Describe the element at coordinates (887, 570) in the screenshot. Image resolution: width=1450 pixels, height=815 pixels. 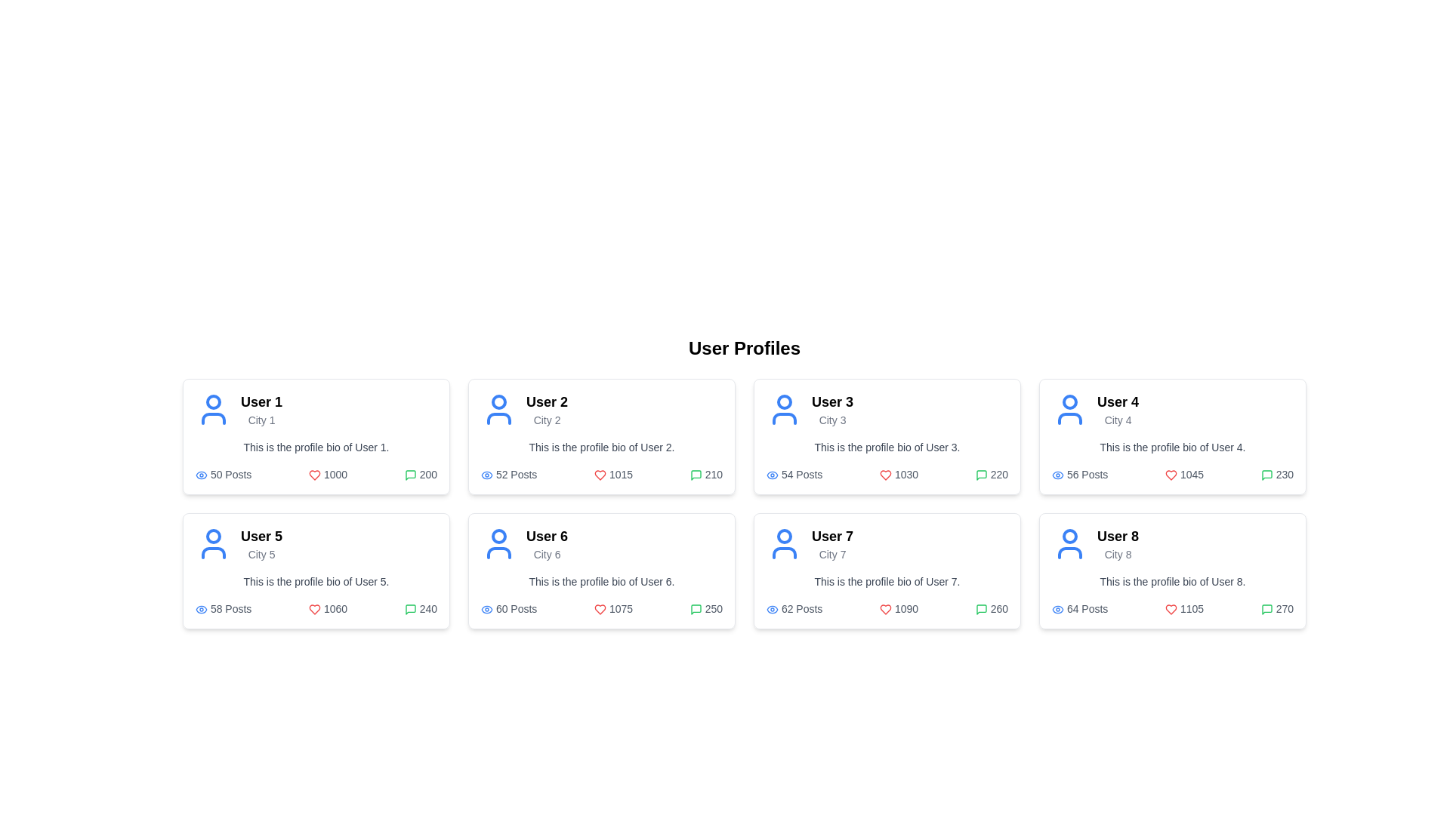
I see `the seventh card` at that location.